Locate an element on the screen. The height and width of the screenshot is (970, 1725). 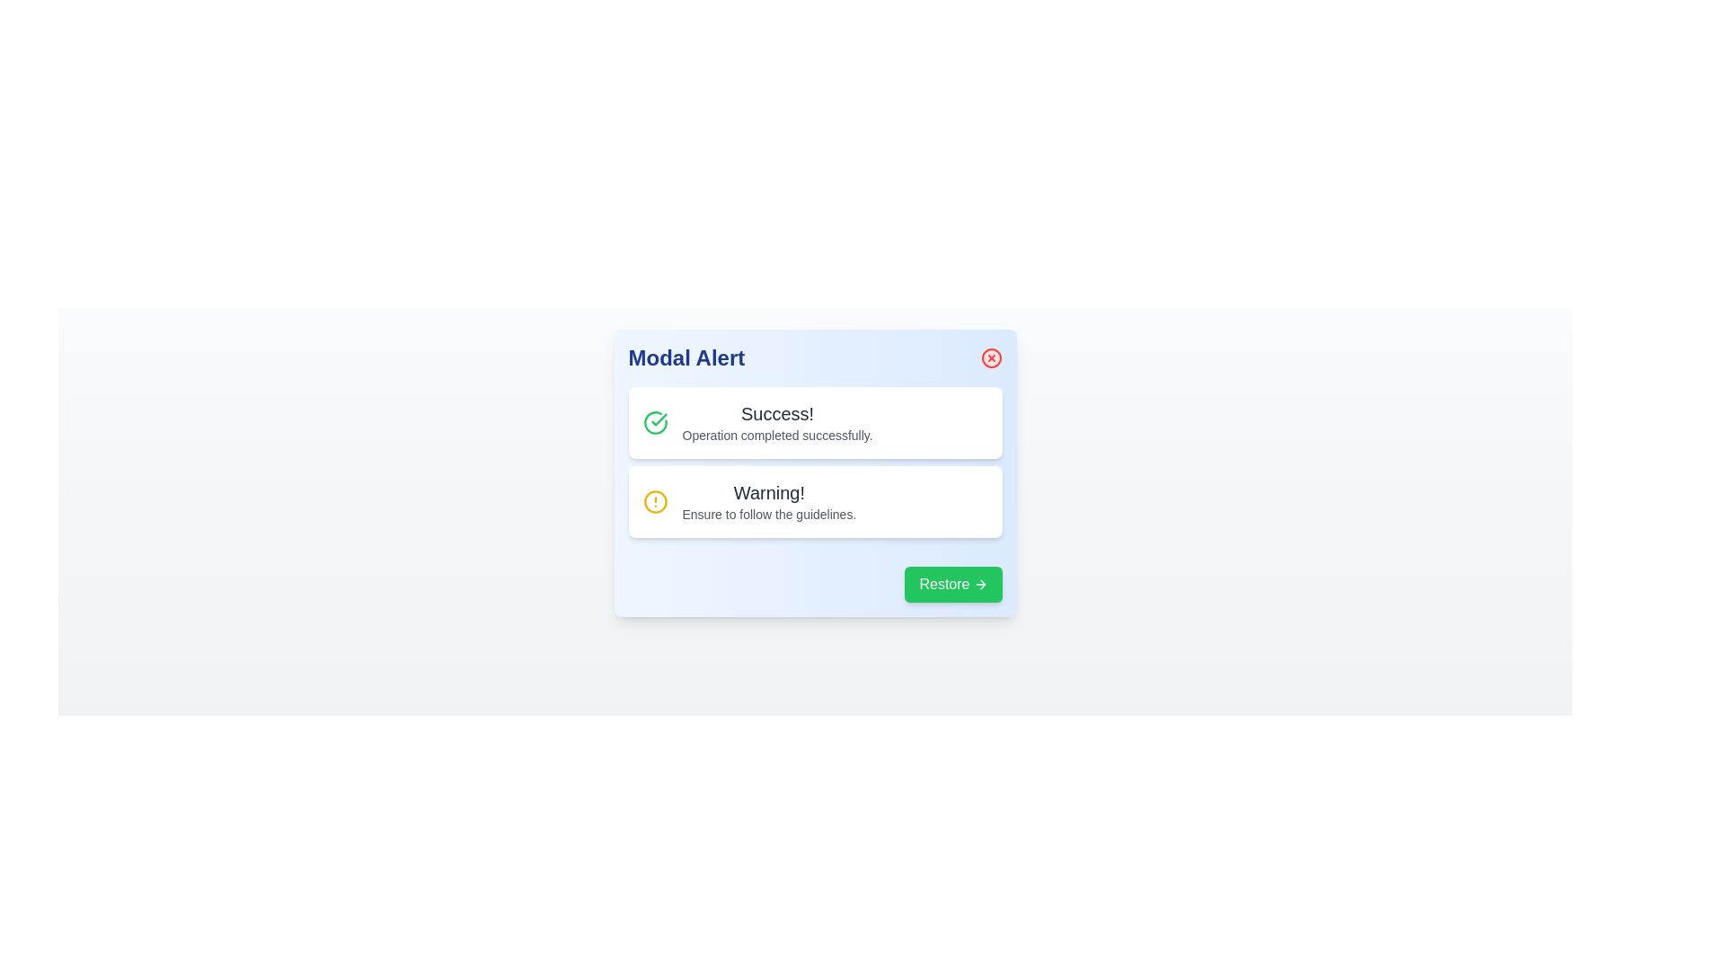
warning text displayed in the lower alert section of the modal card interface, which provides guidance on protocols or prerequisites is located at coordinates (769, 502).